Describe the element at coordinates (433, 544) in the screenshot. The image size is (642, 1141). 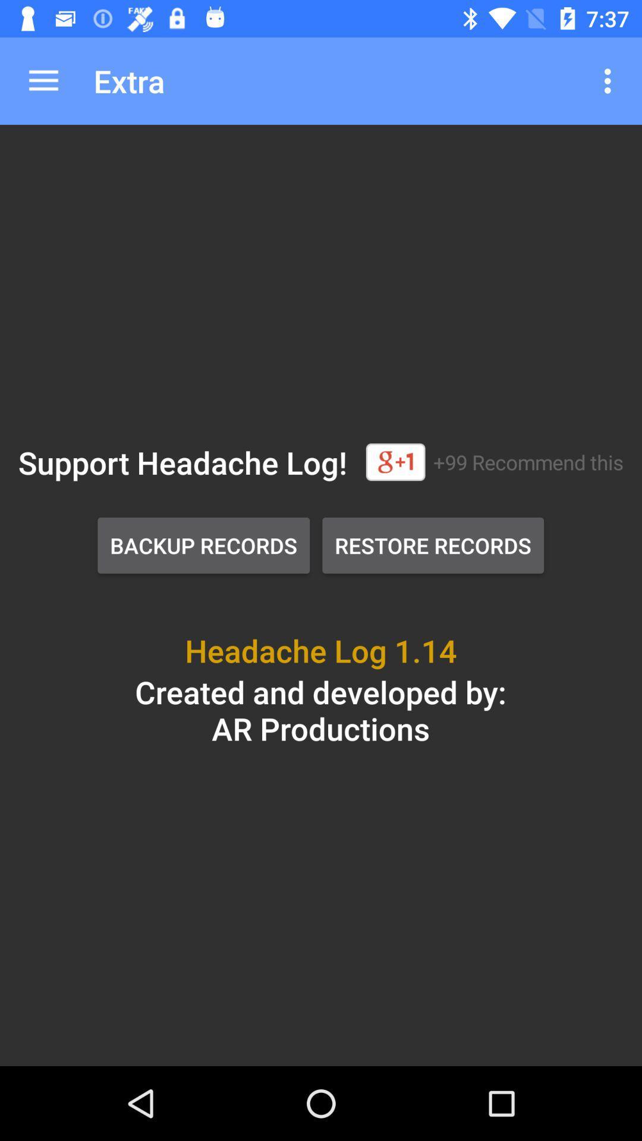
I see `the restore records icon` at that location.